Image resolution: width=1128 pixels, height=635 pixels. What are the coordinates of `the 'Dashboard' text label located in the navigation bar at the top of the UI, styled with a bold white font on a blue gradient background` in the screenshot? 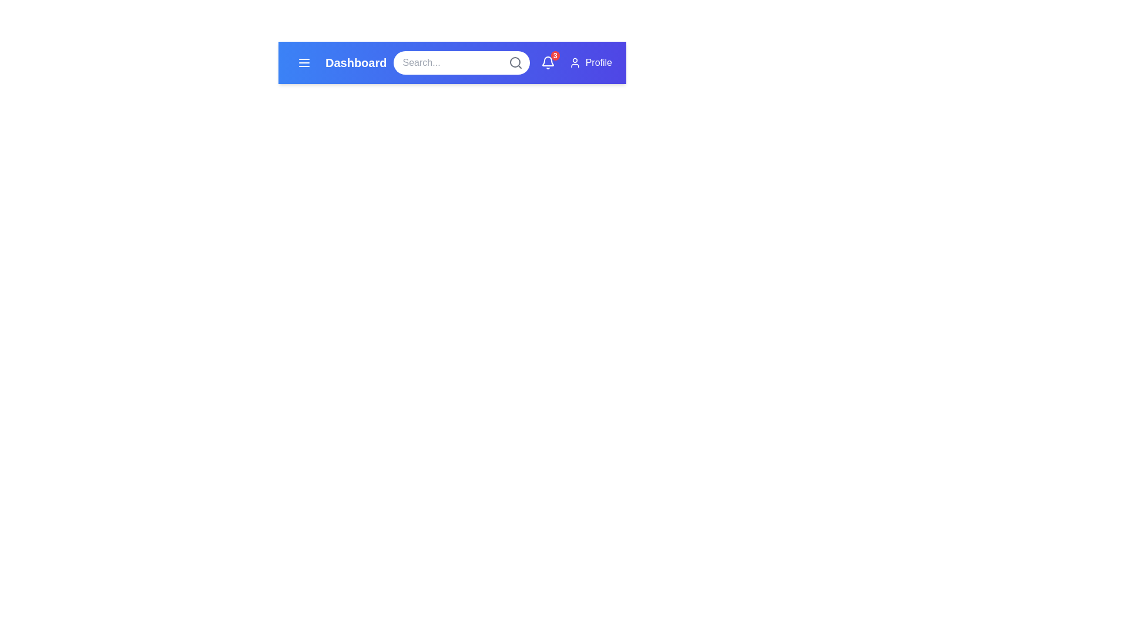 It's located at (355, 63).